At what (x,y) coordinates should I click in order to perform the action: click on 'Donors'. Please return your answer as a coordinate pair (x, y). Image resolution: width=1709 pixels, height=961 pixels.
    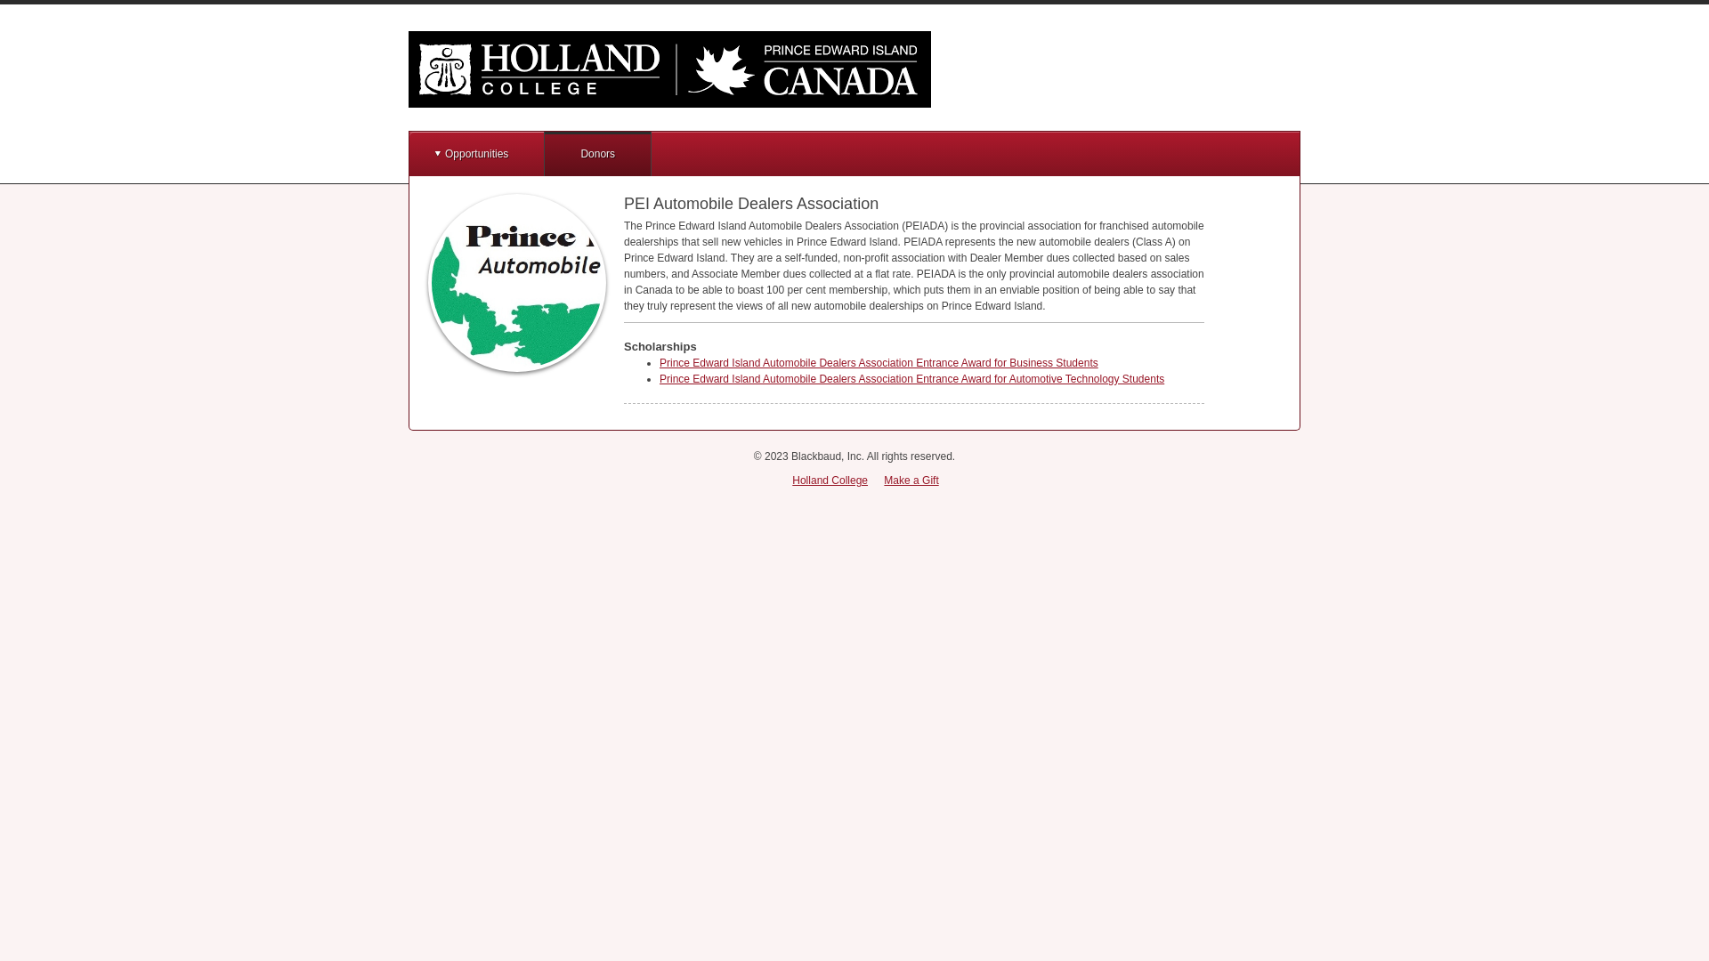
    Looking at the image, I should click on (597, 153).